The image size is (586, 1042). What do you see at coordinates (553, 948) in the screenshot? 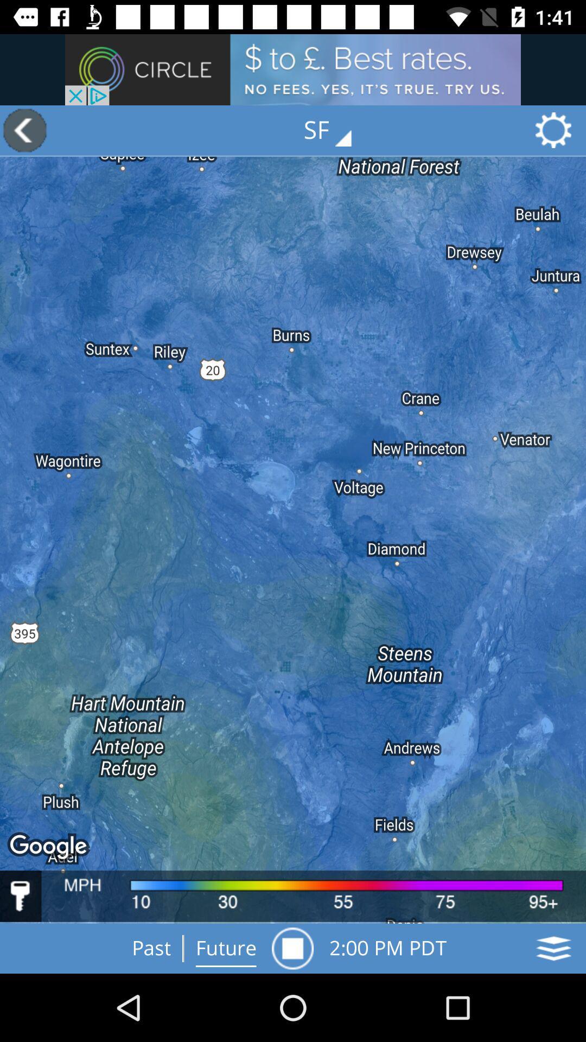
I see `the layers icon` at bounding box center [553, 948].